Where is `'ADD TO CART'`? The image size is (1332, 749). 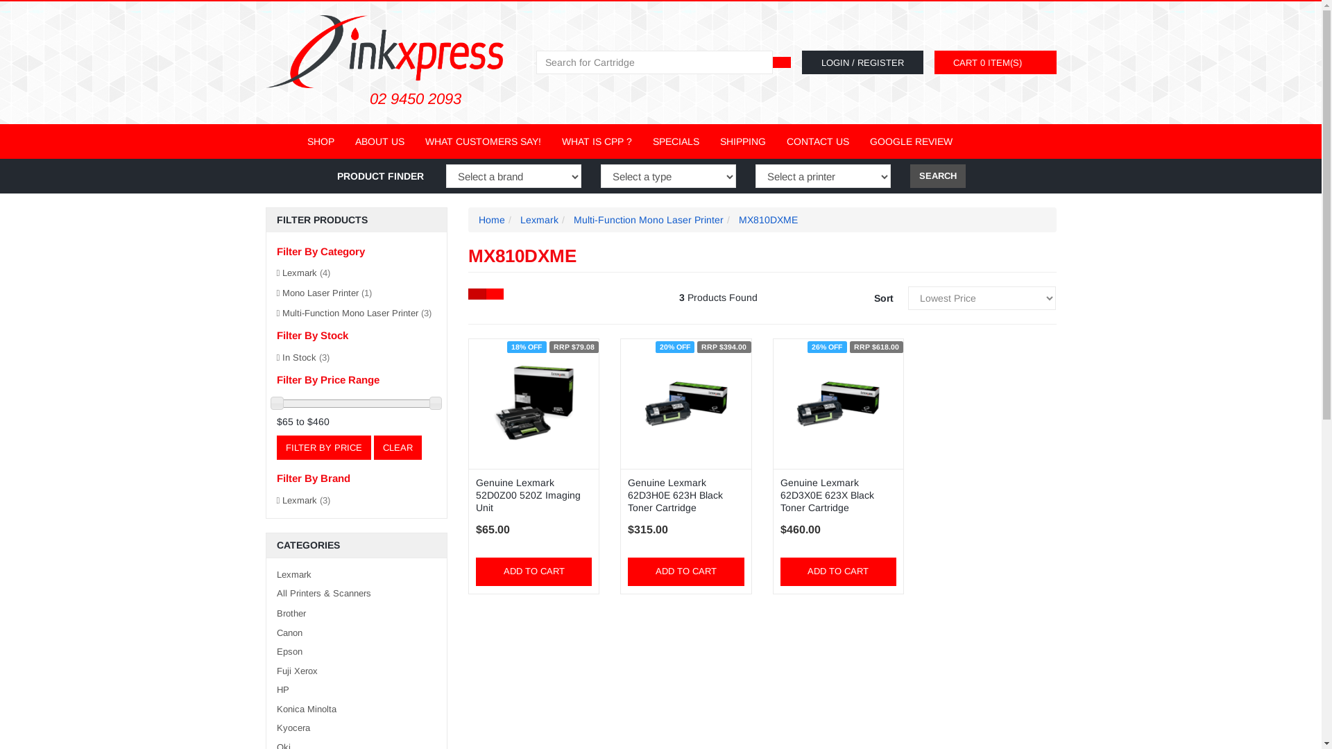 'ADD TO CART' is located at coordinates (627, 571).